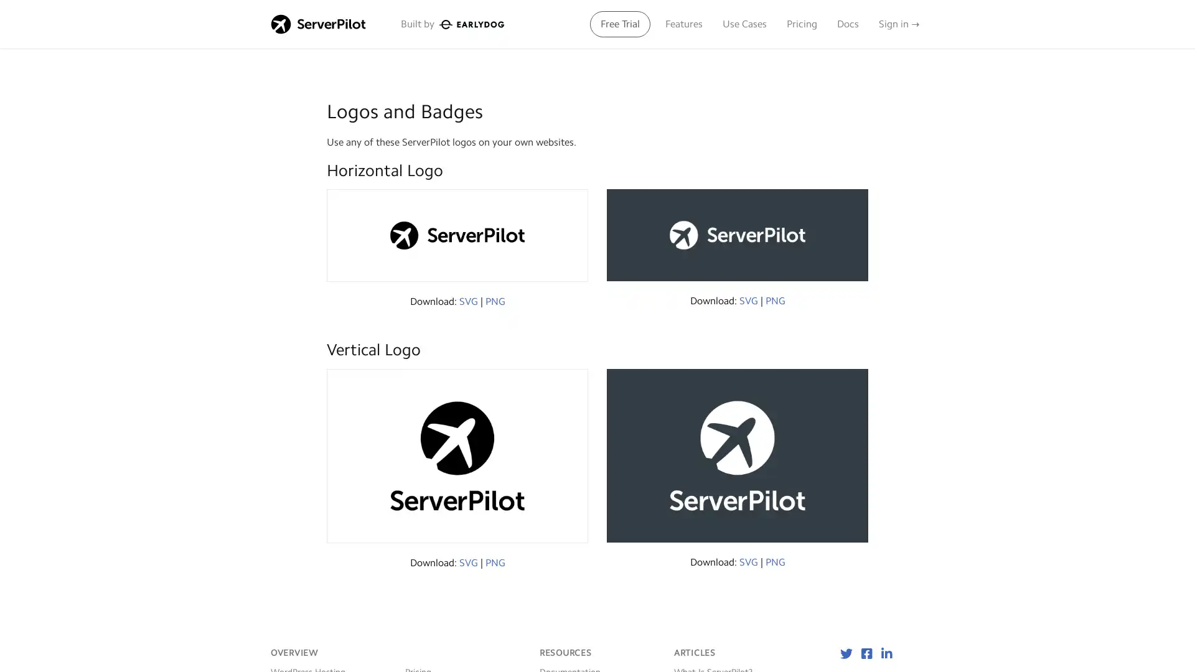  What do you see at coordinates (683, 24) in the screenshot?
I see `Features` at bounding box center [683, 24].